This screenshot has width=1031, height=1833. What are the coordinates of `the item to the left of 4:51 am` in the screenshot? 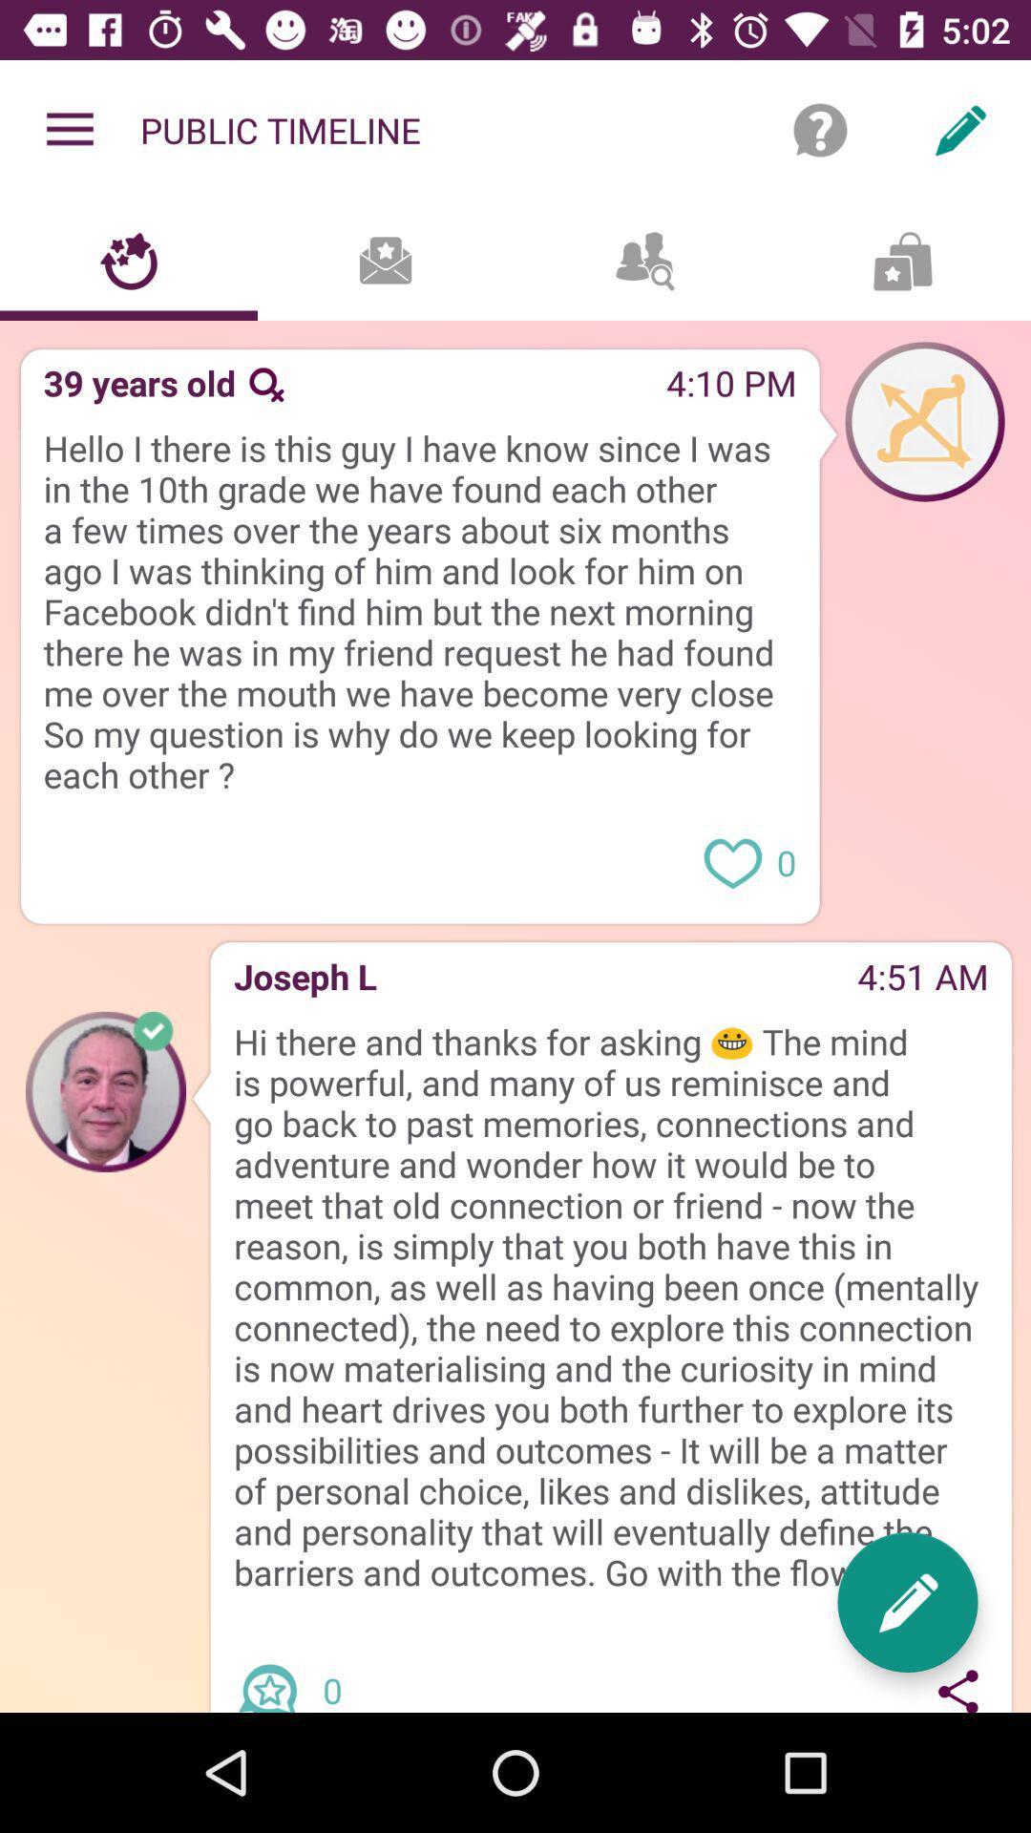 It's located at (617, 982).